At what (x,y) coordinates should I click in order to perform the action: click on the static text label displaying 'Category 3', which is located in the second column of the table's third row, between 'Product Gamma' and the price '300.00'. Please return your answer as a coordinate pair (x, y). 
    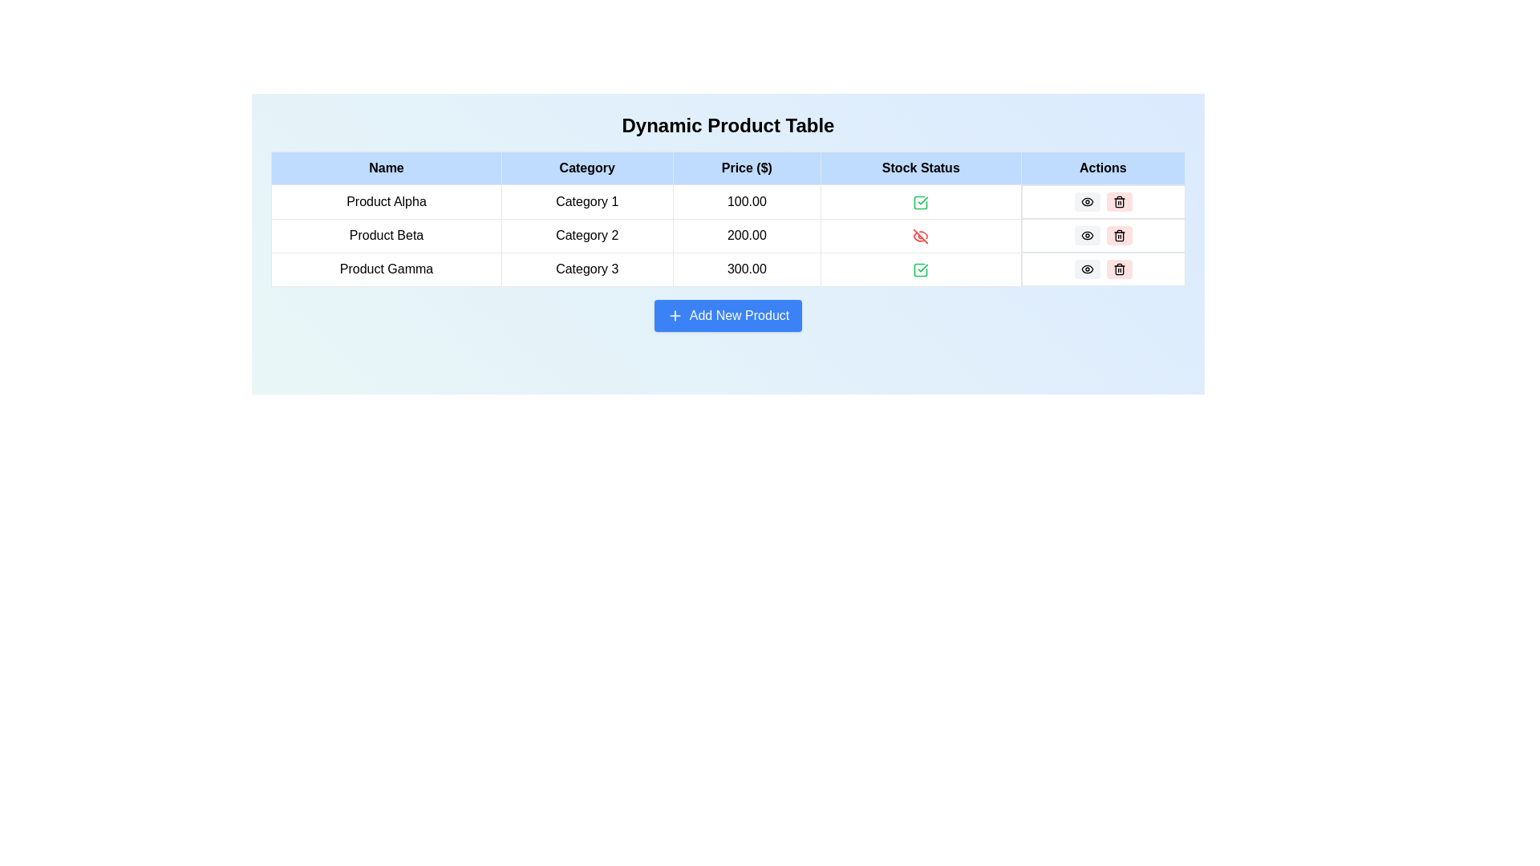
    Looking at the image, I should click on (586, 268).